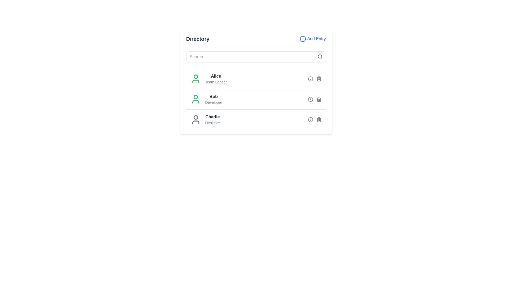 This screenshot has height=286, width=508. Describe the element at coordinates (195, 119) in the screenshot. I see `the user profile icon, which is a circular design featuring a gray figure representing a person's head and shoulders, located to the left of the text 'Charlie' and 'Designer'` at that location.